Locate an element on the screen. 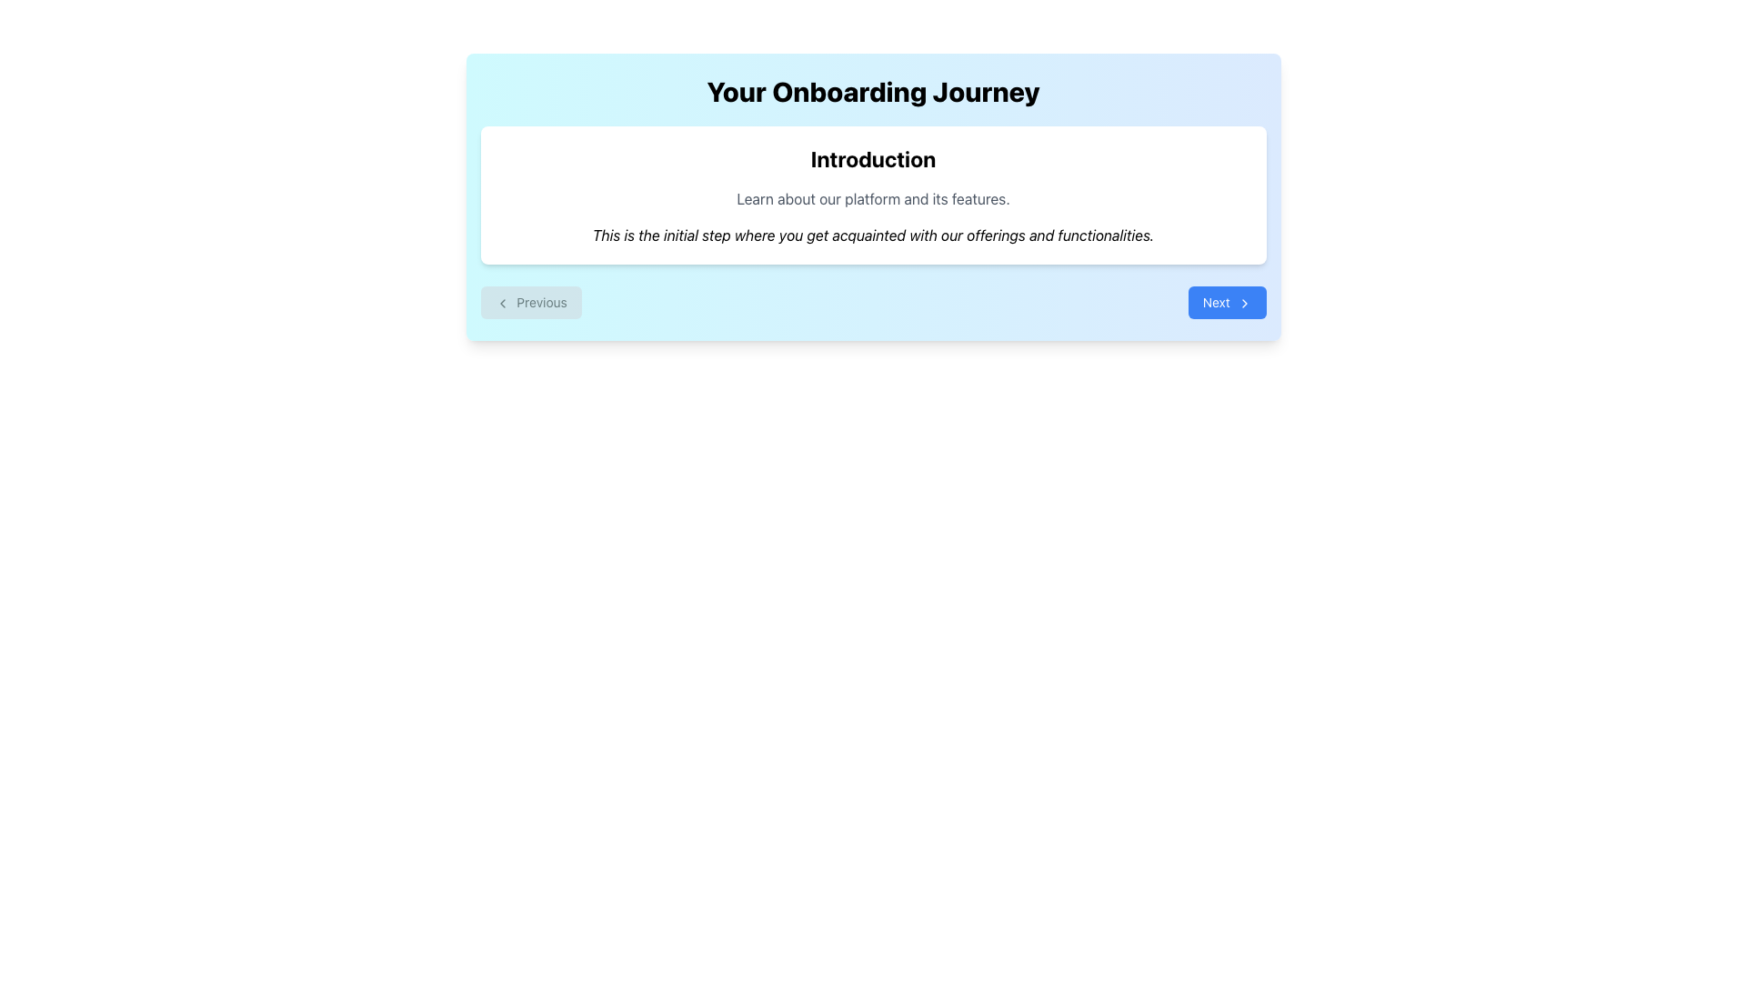  the 'Previous' button located at the bottom-left corner of the panel is located at coordinates (502, 303).